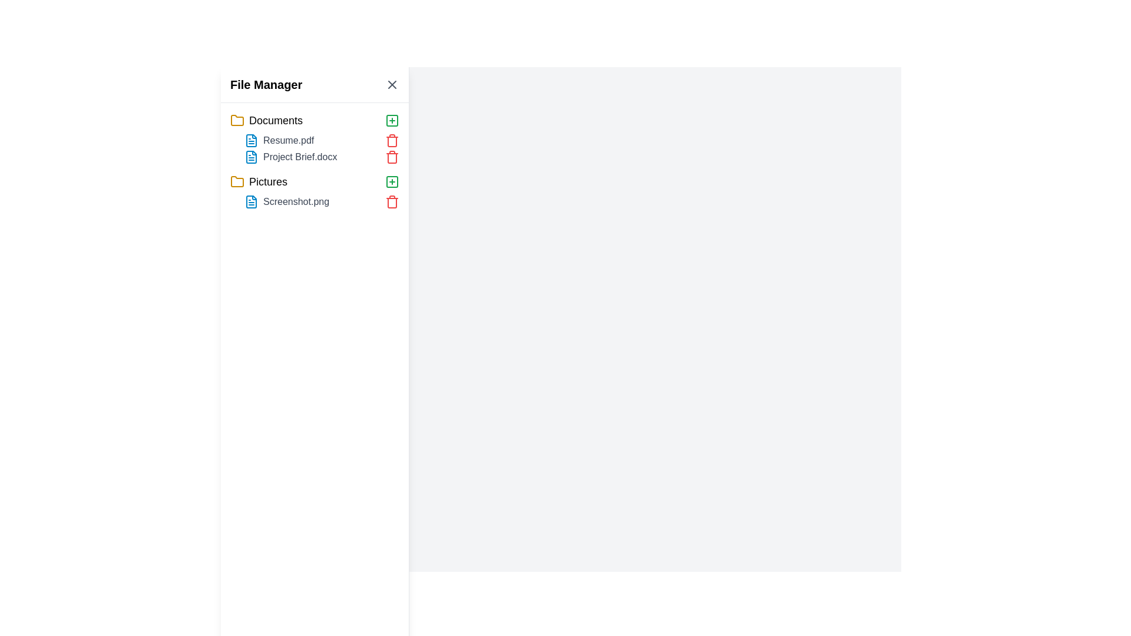 This screenshot has height=636, width=1131. What do you see at coordinates (251, 201) in the screenshot?
I see `the file icon representing 'Screenshot.png' located in the left-side navigation panel under the 'Pictures' folder` at bounding box center [251, 201].